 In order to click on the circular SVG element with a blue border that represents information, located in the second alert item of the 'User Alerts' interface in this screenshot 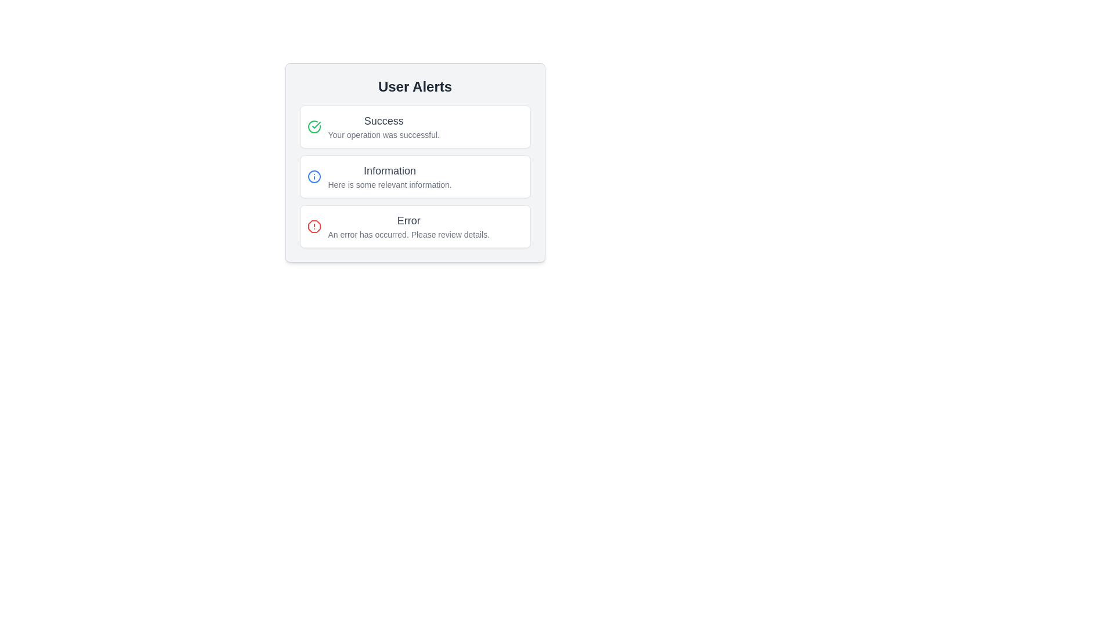, I will do `click(314, 176)`.